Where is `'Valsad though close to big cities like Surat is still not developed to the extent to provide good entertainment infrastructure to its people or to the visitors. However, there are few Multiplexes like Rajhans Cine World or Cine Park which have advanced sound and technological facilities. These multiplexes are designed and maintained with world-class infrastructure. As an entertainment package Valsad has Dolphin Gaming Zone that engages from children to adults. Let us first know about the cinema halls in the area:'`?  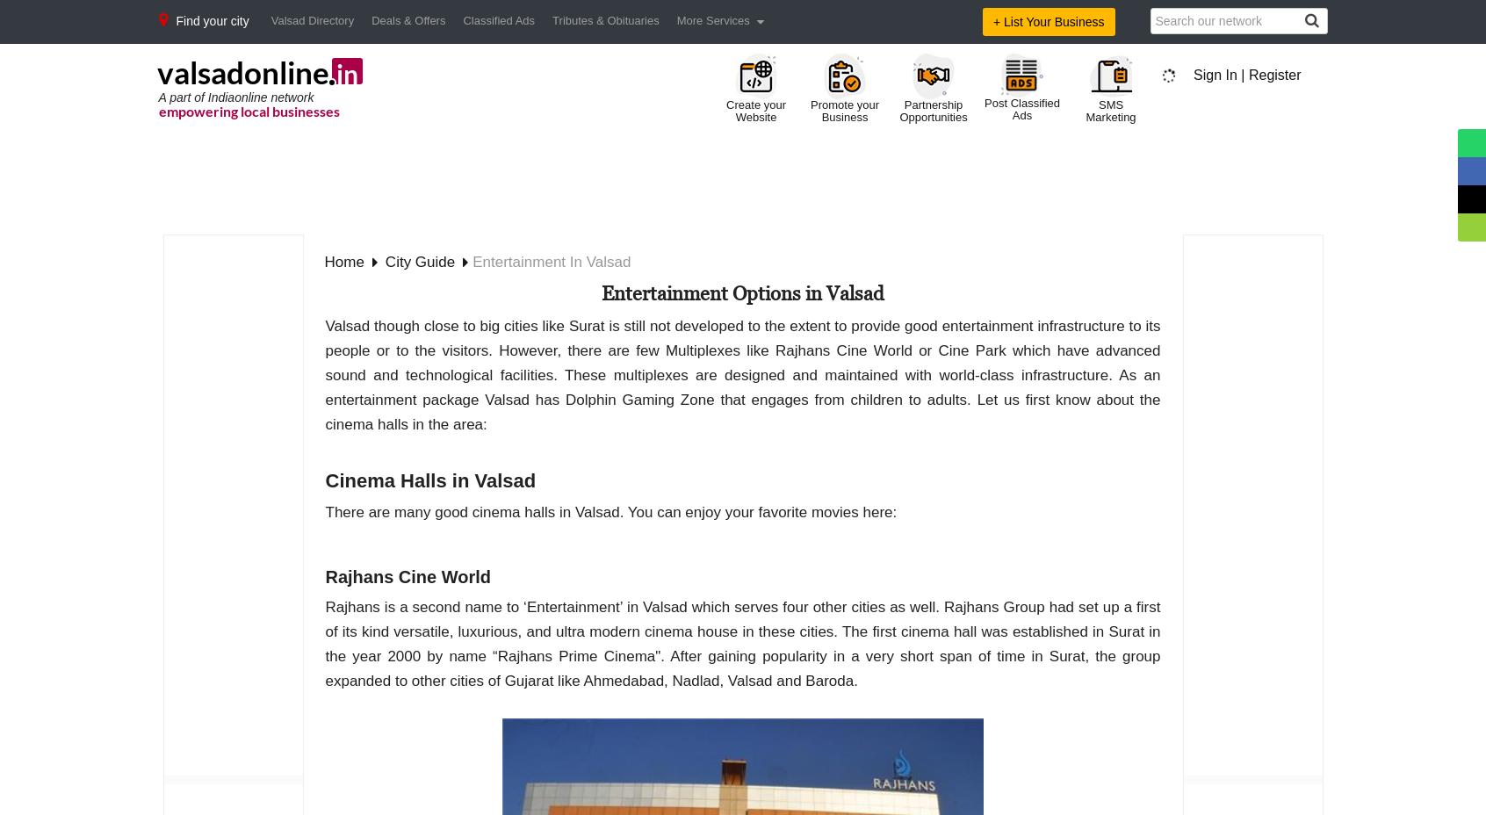
'Valsad though close to big cities like Surat is still not developed to the extent to provide good entertainment infrastructure to its people or to the visitors. However, there are few Multiplexes like Rajhans Cine World or Cine Park which have advanced sound and technological facilities. These multiplexes are designed and maintained with world-class infrastructure. As an entertainment package Valsad has Dolphin Gaming Zone that engages from children to adults. Let us first know about the cinema halls in the area:' is located at coordinates (742, 375).